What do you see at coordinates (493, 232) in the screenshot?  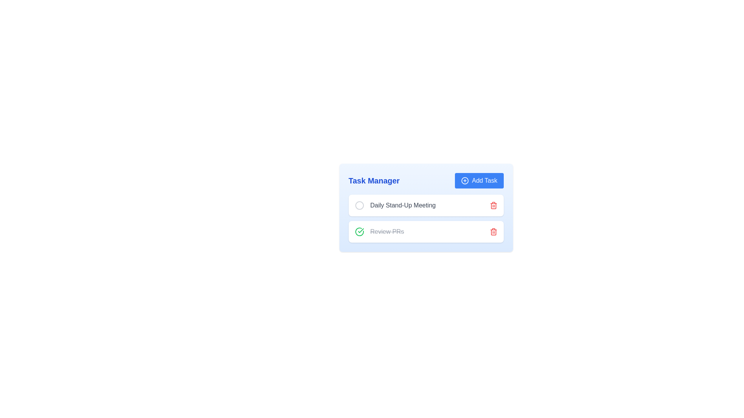 I see `the trash icon component that is part of the delete action, located immediately to the right of the 'Review PRs' text in the corresponding task row` at bounding box center [493, 232].